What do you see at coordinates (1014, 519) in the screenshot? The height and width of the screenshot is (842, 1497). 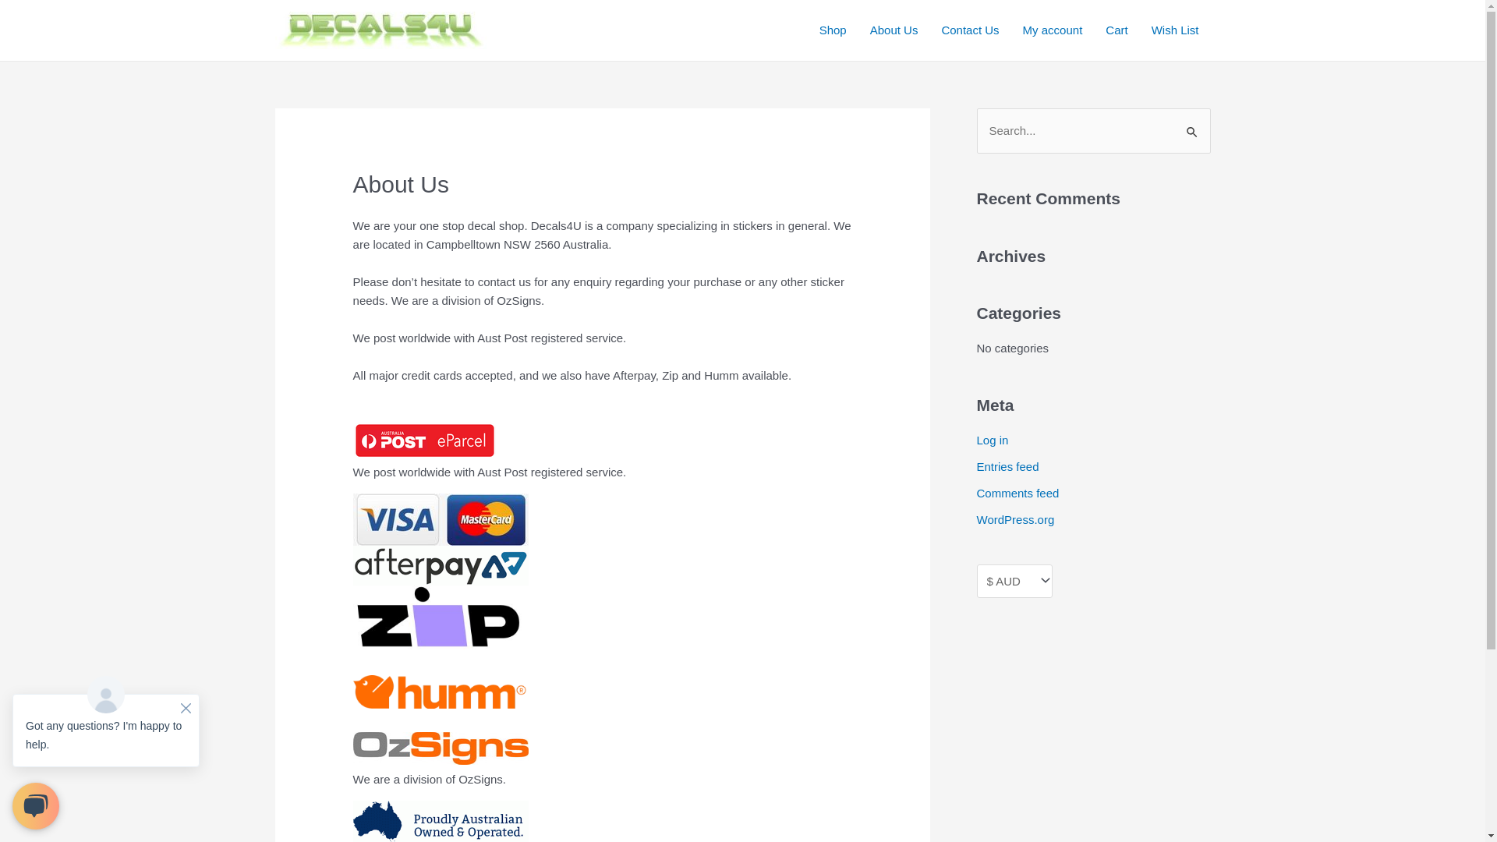 I see `'WordPress.org'` at bounding box center [1014, 519].